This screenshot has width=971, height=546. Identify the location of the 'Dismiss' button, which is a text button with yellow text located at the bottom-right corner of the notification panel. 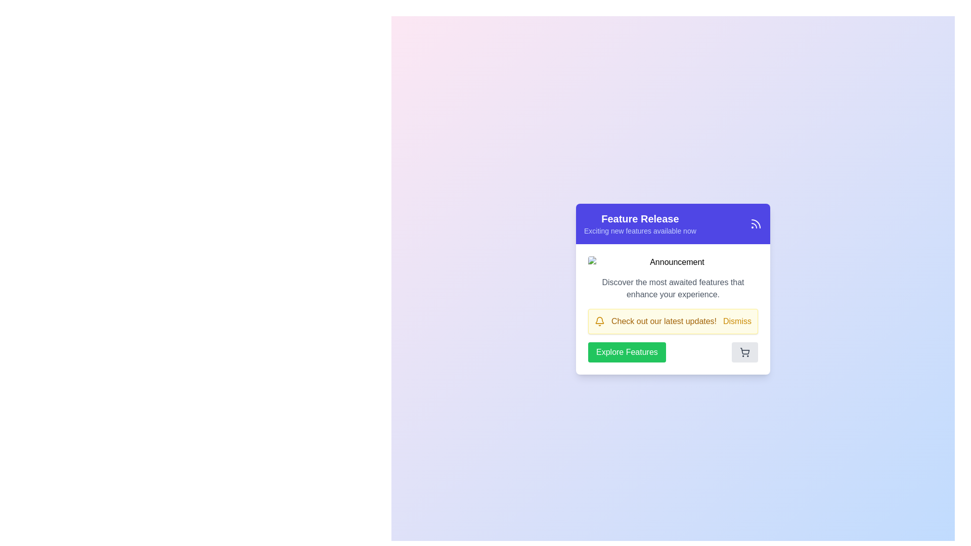
(737, 322).